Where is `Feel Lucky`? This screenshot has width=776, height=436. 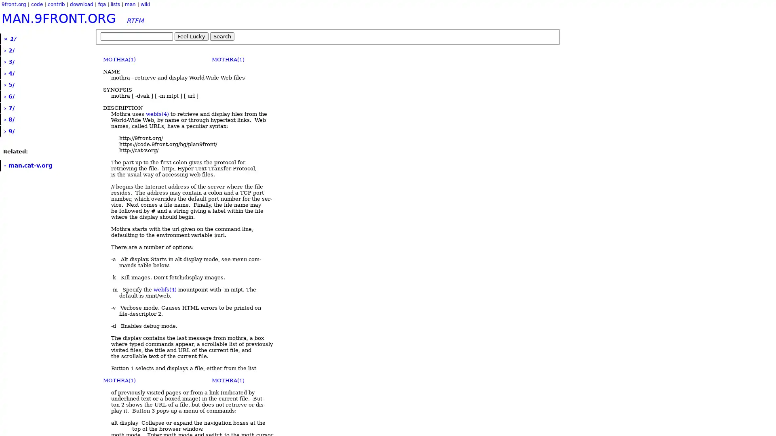 Feel Lucky is located at coordinates (191, 36).